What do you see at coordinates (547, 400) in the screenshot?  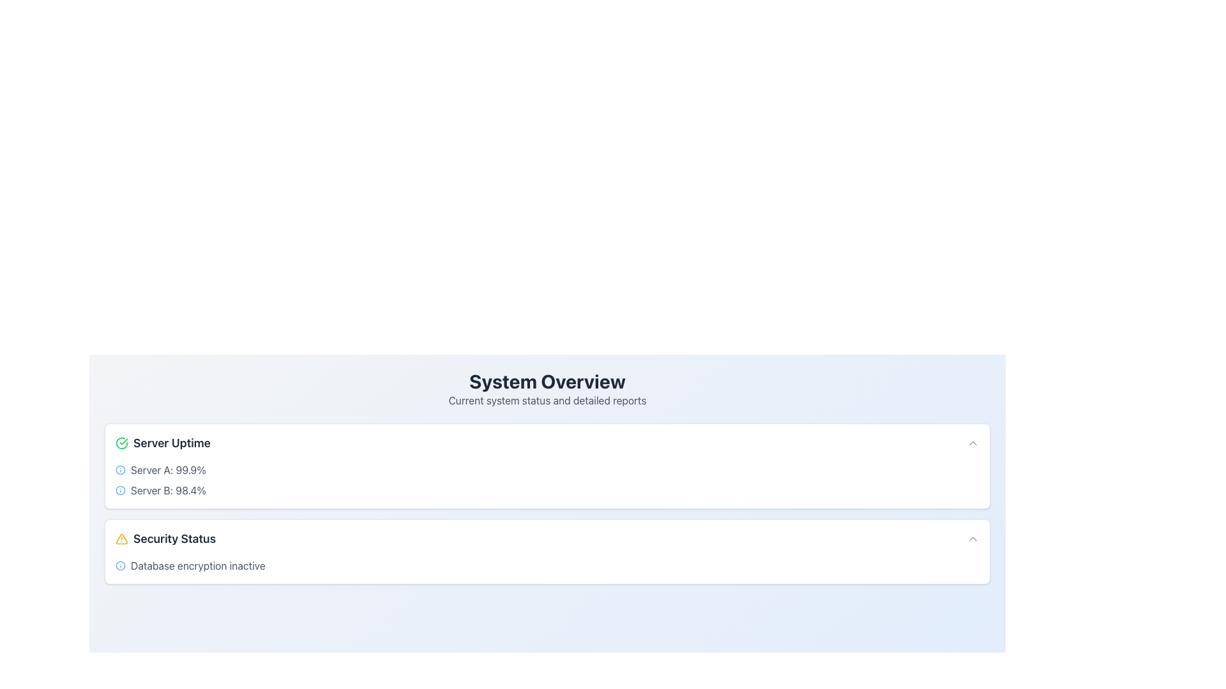 I see `text label that displays 'Current system status and detailed reports', located beneath the 'System Overview' heading` at bounding box center [547, 400].